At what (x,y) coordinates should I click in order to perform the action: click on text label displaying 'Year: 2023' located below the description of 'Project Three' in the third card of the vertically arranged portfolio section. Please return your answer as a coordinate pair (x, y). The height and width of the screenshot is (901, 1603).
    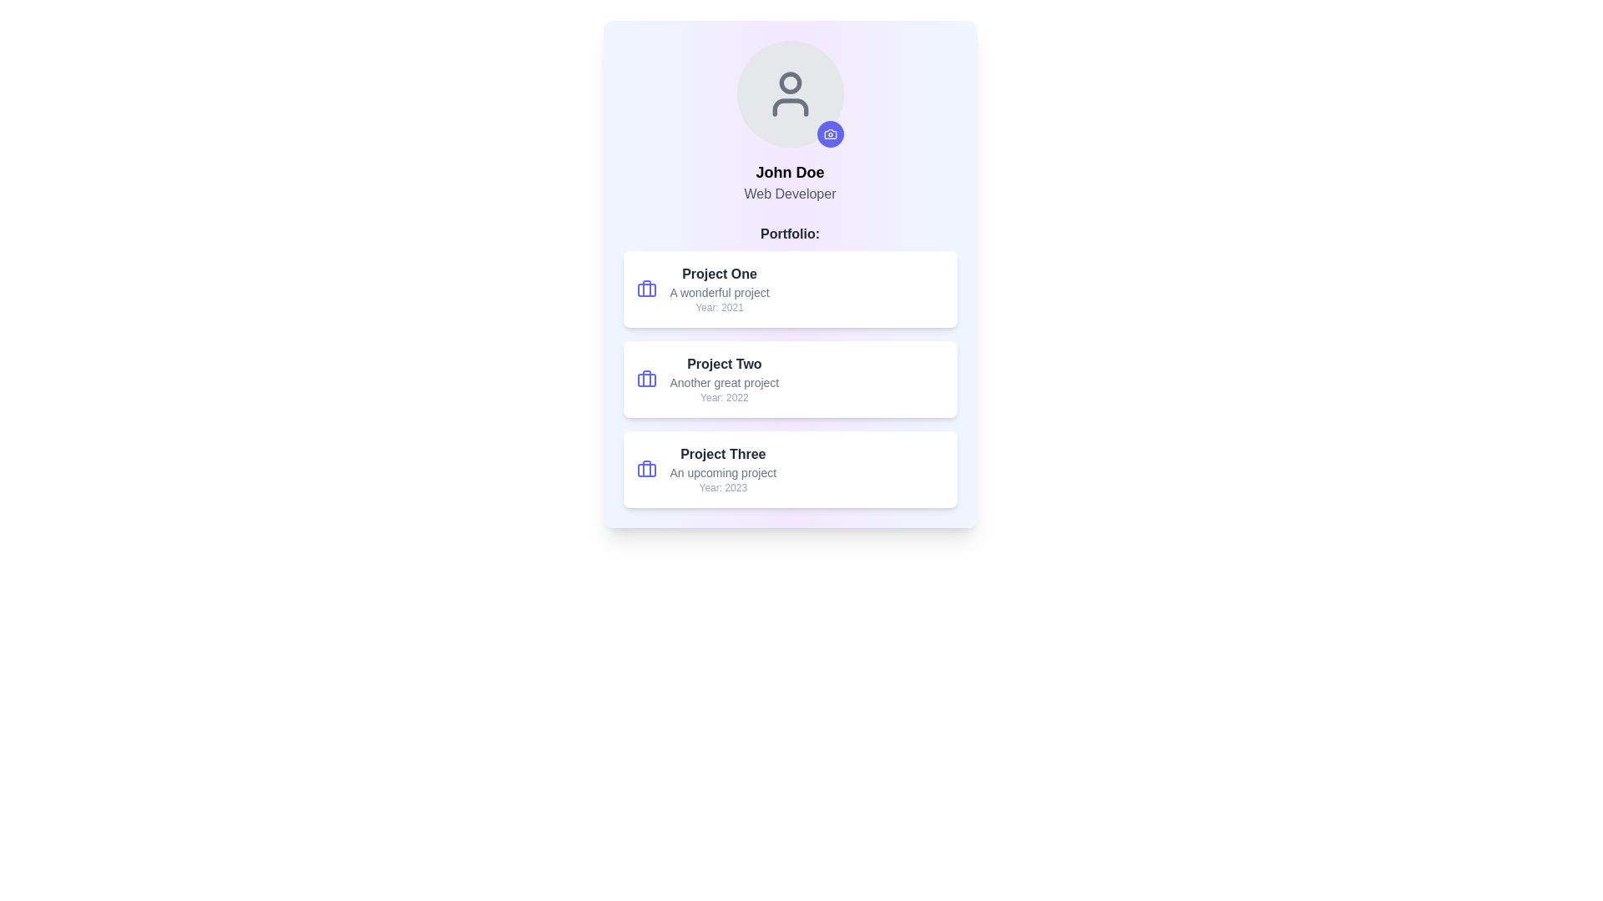
    Looking at the image, I should click on (723, 488).